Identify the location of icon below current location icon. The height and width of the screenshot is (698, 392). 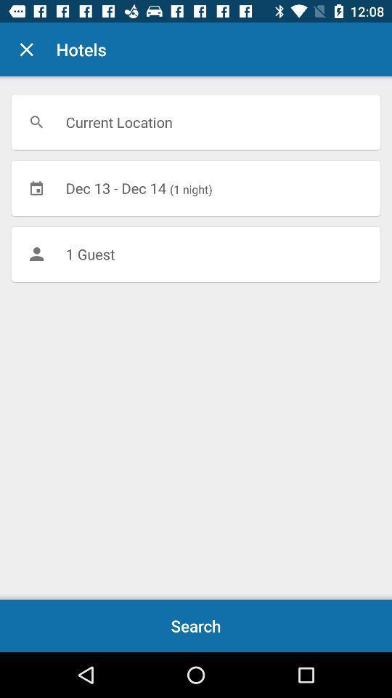
(196, 187).